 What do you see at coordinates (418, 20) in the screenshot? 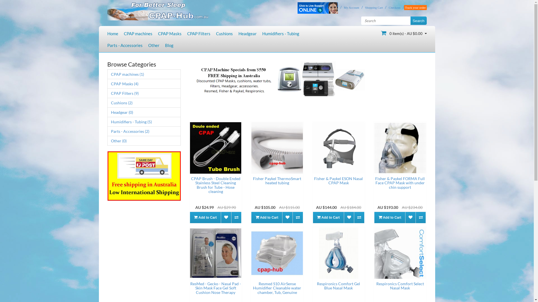
I see `'Search'` at bounding box center [418, 20].